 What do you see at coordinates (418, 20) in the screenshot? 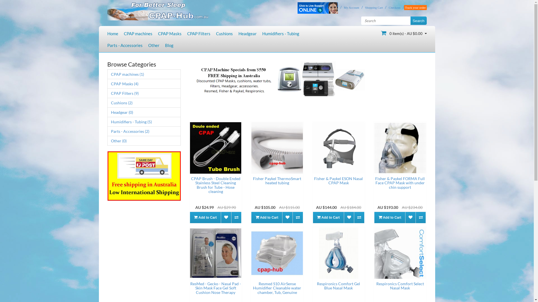
I see `'Search'` at bounding box center [418, 20].